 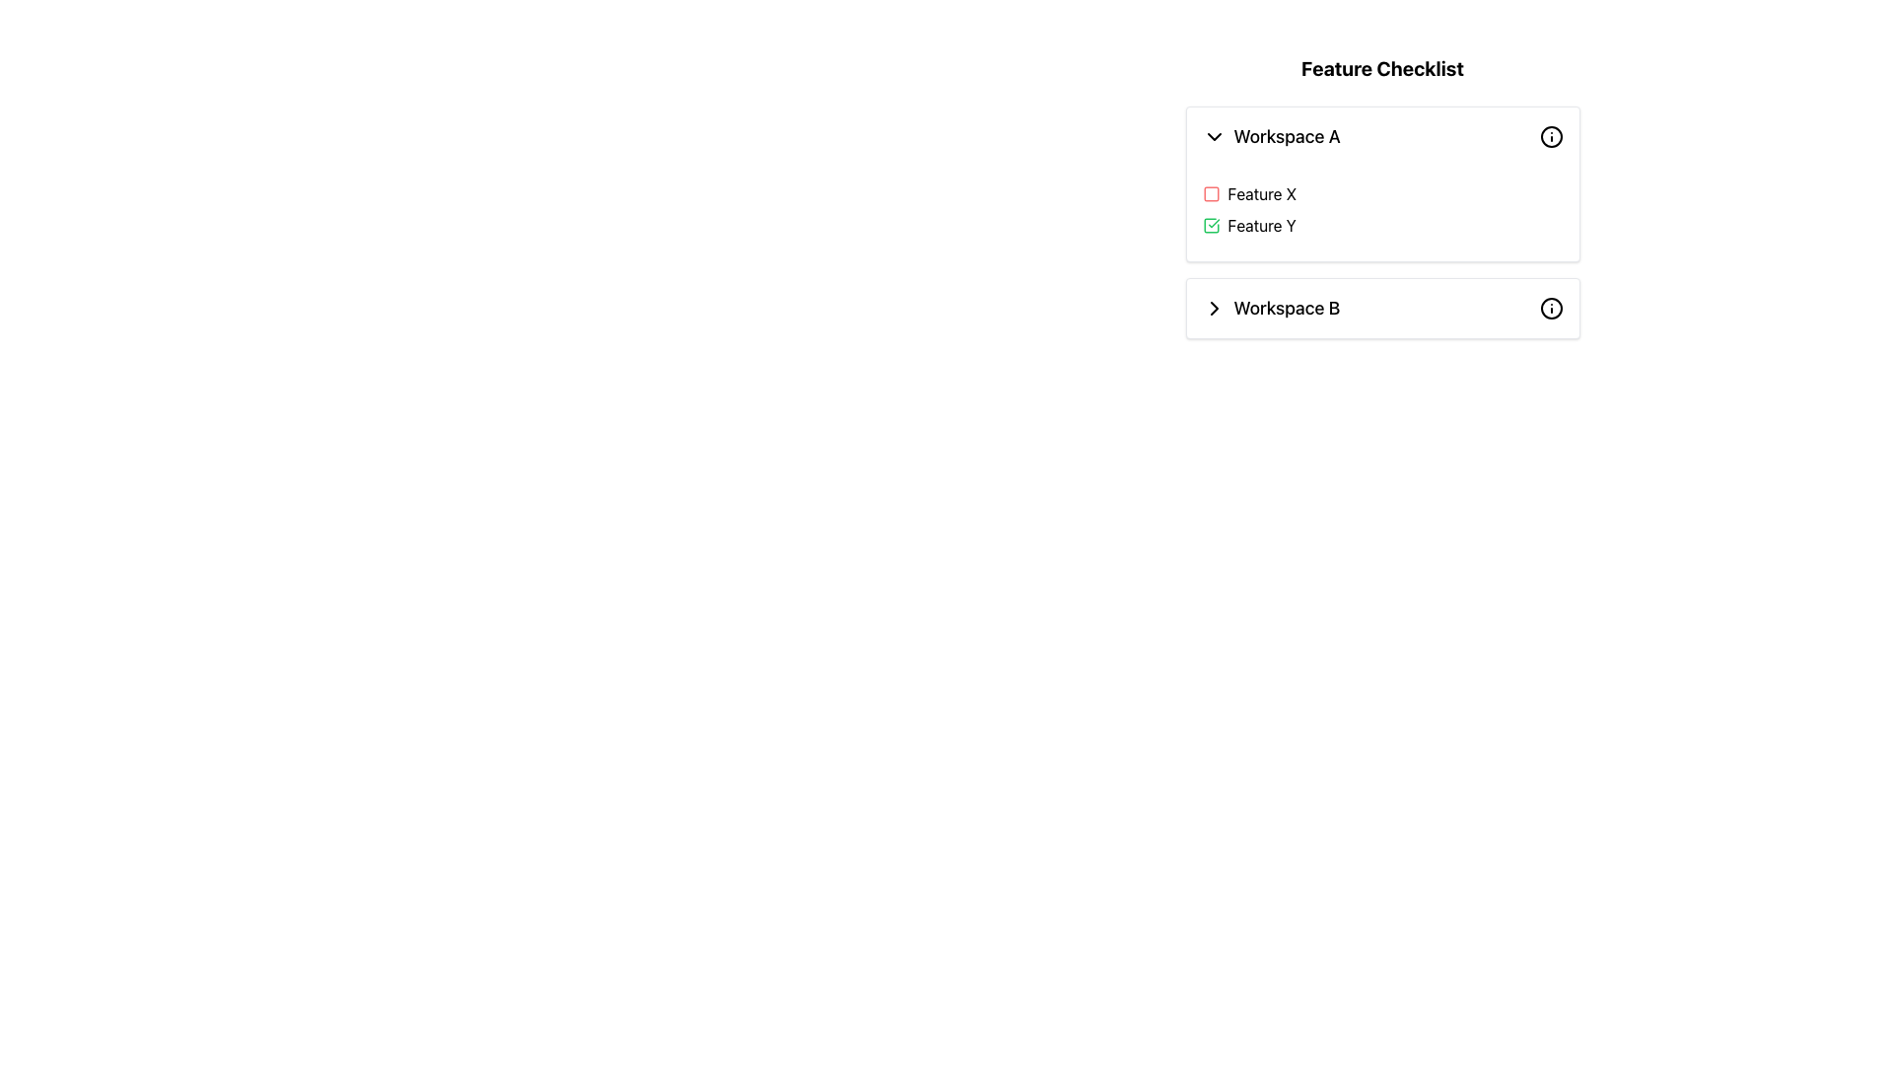 I want to click on the 'Feature X' status icon located at the start of the row in the Workspace A section of the feature checklist, so click(x=1210, y=193).